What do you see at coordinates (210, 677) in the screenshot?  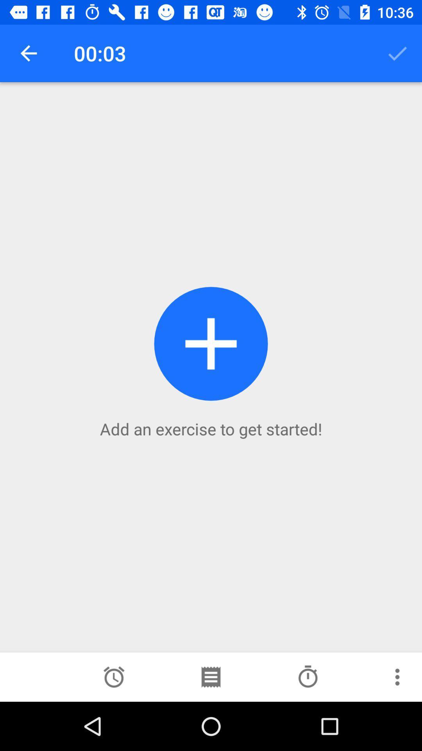 I see `opened apps` at bounding box center [210, 677].